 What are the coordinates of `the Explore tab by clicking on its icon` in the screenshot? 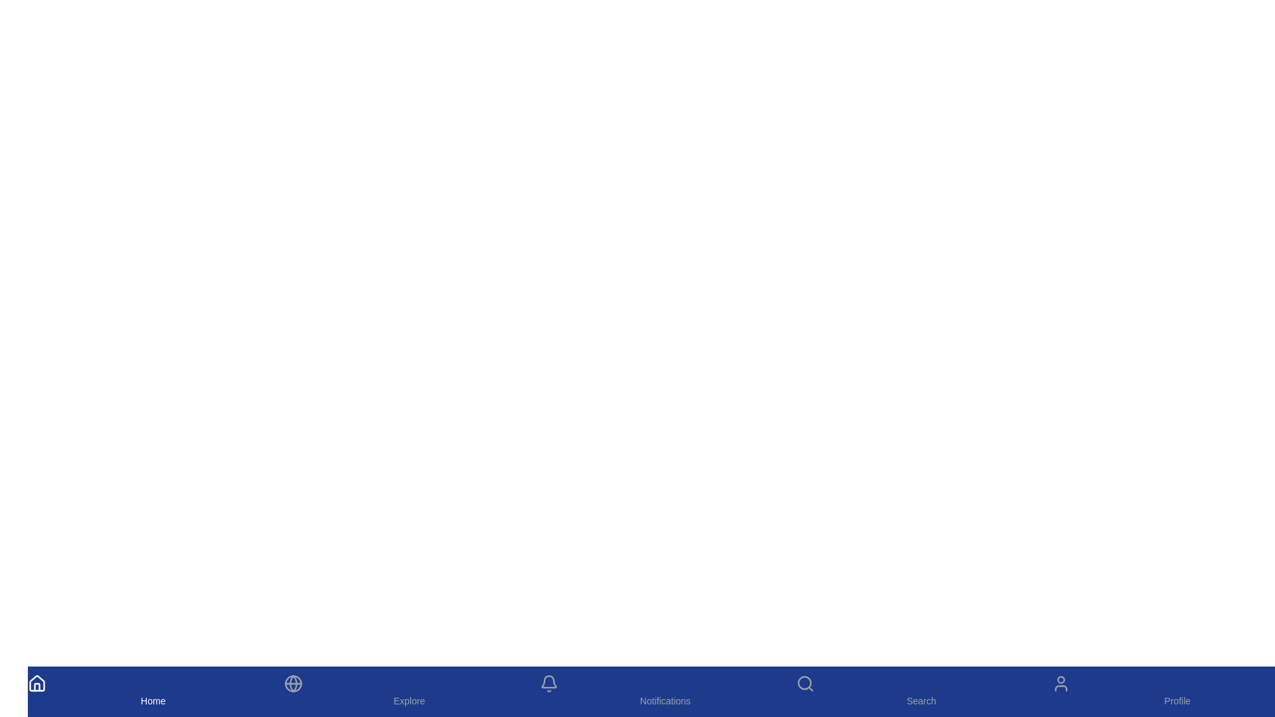 It's located at (408, 690).